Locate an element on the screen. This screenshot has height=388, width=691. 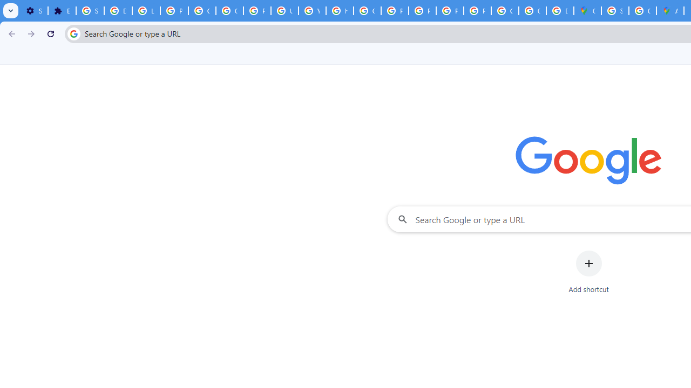
'Google Maps' is located at coordinates (587, 11).